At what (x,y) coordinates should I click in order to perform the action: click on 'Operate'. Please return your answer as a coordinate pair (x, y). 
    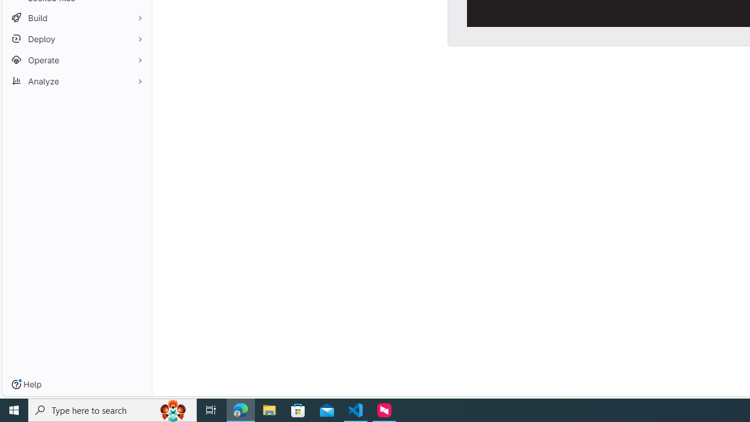
    Looking at the image, I should click on (76, 60).